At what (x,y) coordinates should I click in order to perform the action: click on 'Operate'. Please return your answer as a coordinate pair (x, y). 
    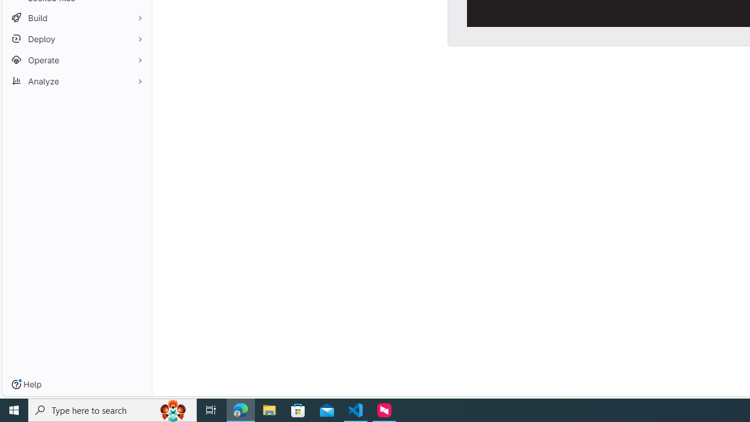
    Looking at the image, I should click on (76, 60).